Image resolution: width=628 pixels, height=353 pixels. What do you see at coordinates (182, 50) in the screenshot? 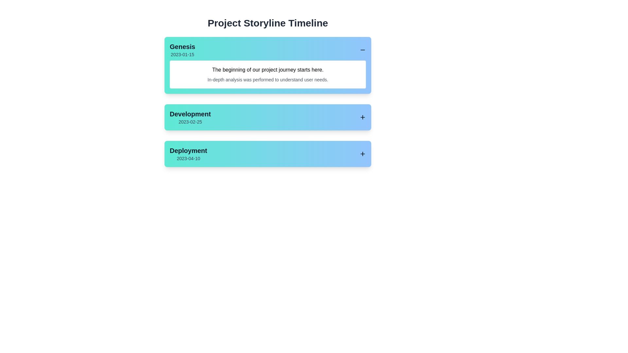
I see `displayed text on the first card in the vertical timeline interface, which shows 'Genesis' in bold dark gray and '2023-01-15' in lighter gray below it` at bounding box center [182, 50].